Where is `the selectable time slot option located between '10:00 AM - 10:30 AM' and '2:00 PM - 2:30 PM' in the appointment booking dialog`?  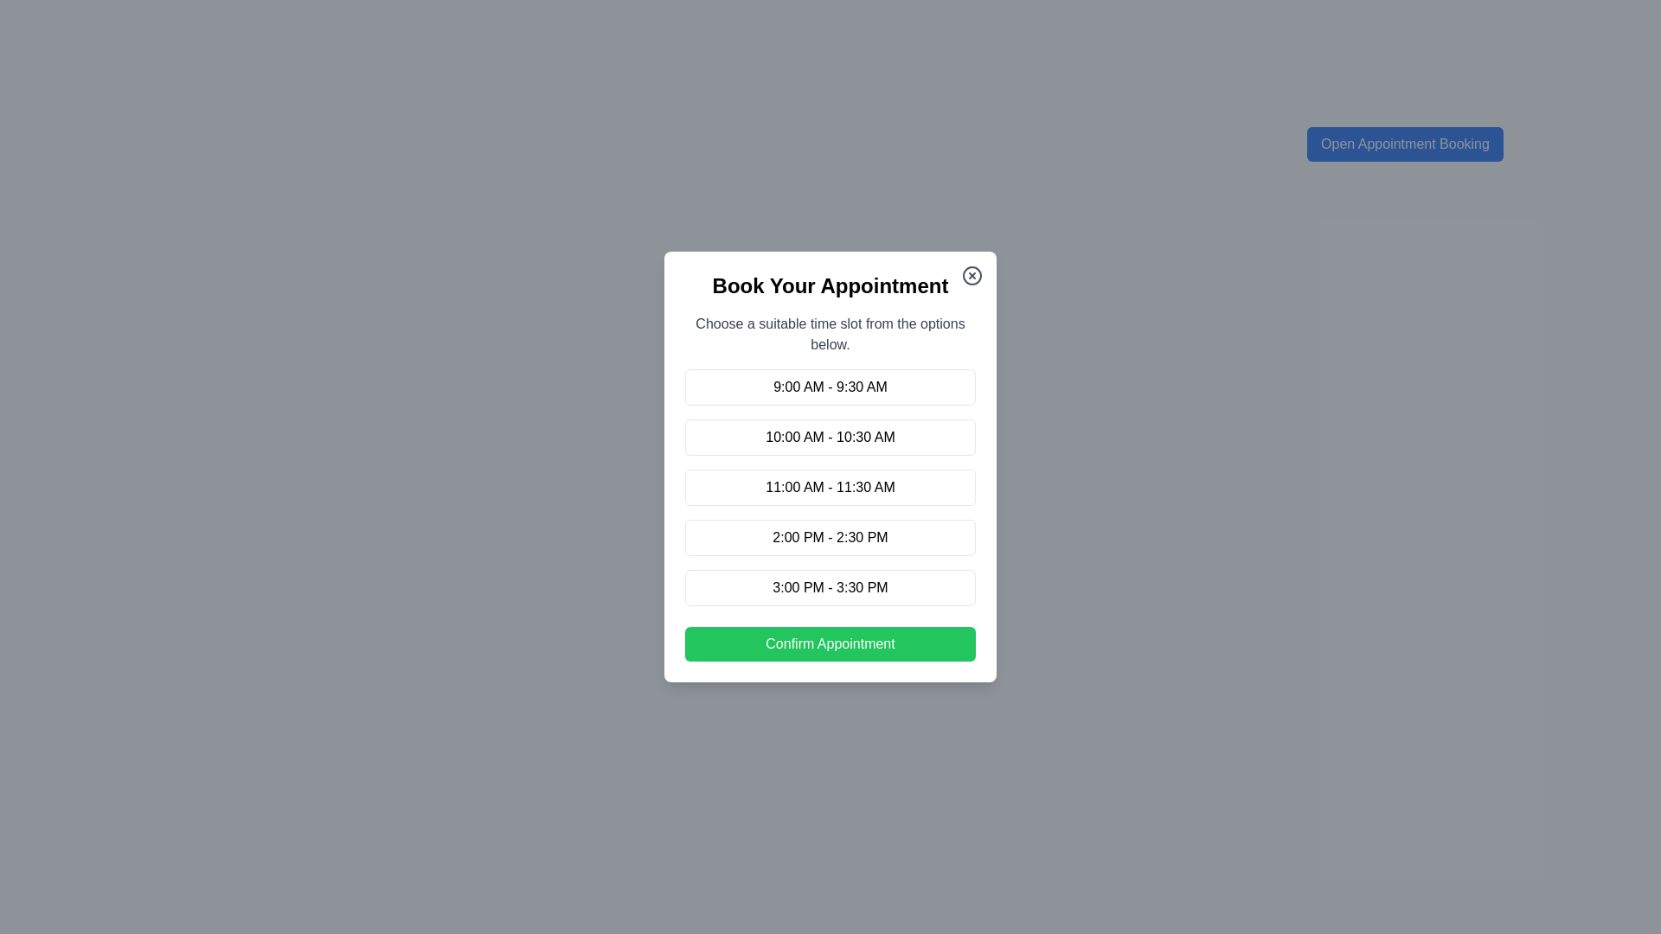 the selectable time slot option located between '10:00 AM - 10:30 AM' and '2:00 PM - 2:30 PM' in the appointment booking dialog is located at coordinates (830, 487).